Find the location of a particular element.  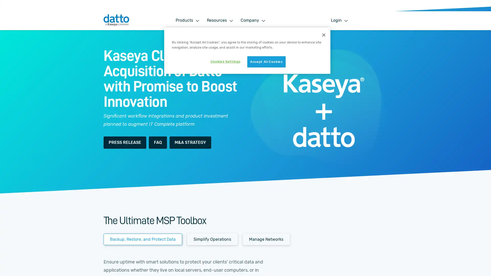

Login is located at coordinates (339, 20).